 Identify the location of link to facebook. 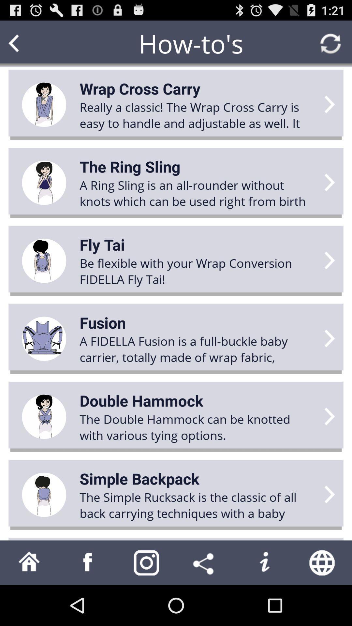
(88, 562).